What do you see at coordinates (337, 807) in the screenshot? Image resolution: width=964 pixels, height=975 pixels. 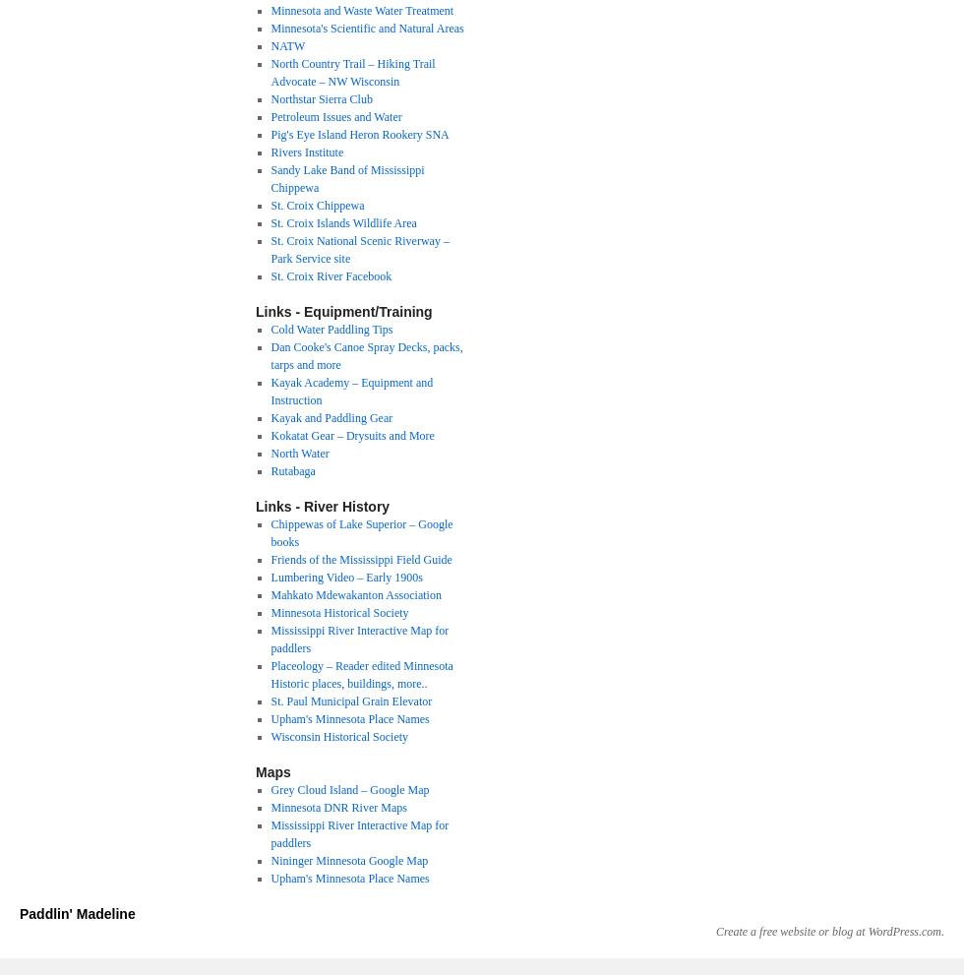 I see `'Minnesota DNR River Maps'` at bounding box center [337, 807].